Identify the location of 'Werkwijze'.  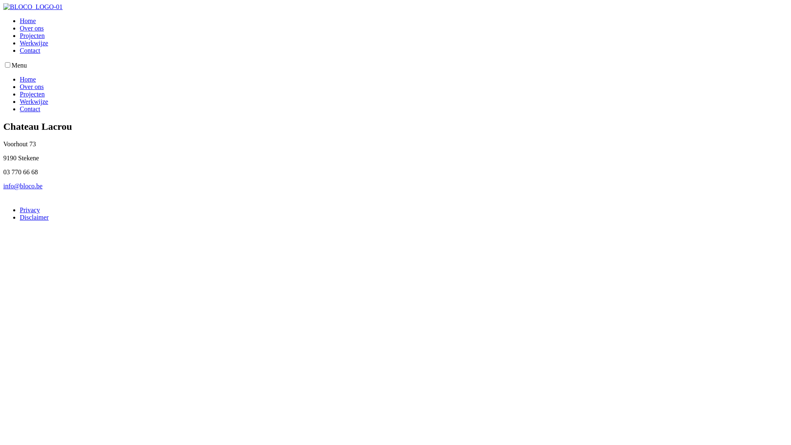
(33, 101).